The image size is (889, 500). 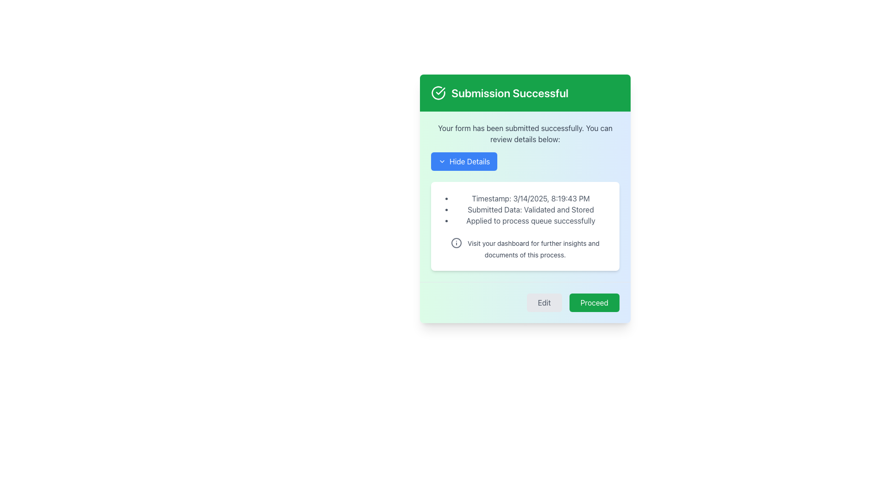 What do you see at coordinates (531, 221) in the screenshot?
I see `static text label displaying 'Applied to process queue successfully' located in the notification dialog titled 'Submission Successful'` at bounding box center [531, 221].